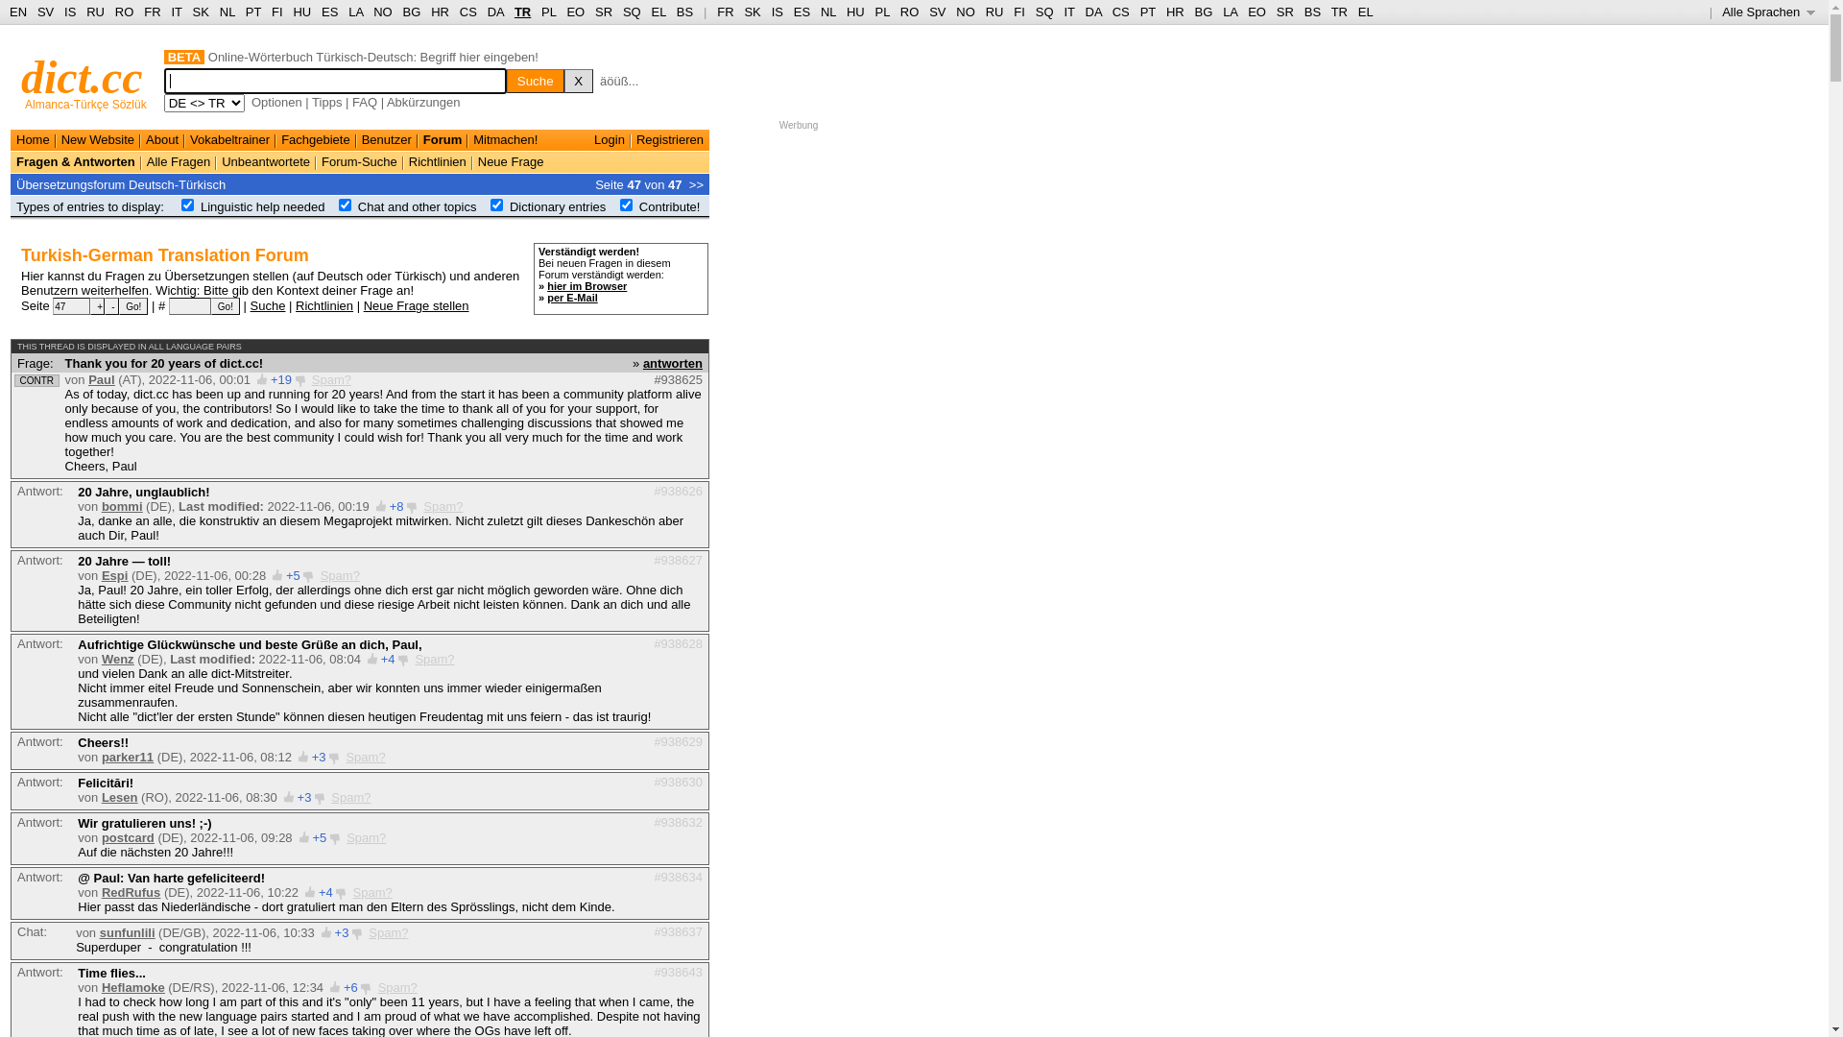  Describe the element at coordinates (179, 160) in the screenshot. I see `'Alle Fragen'` at that location.